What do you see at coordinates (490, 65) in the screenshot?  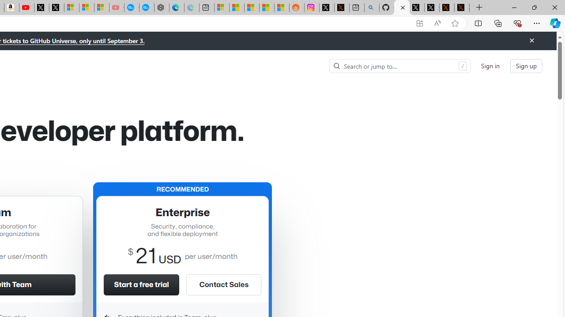 I see `'Sign in'` at bounding box center [490, 65].